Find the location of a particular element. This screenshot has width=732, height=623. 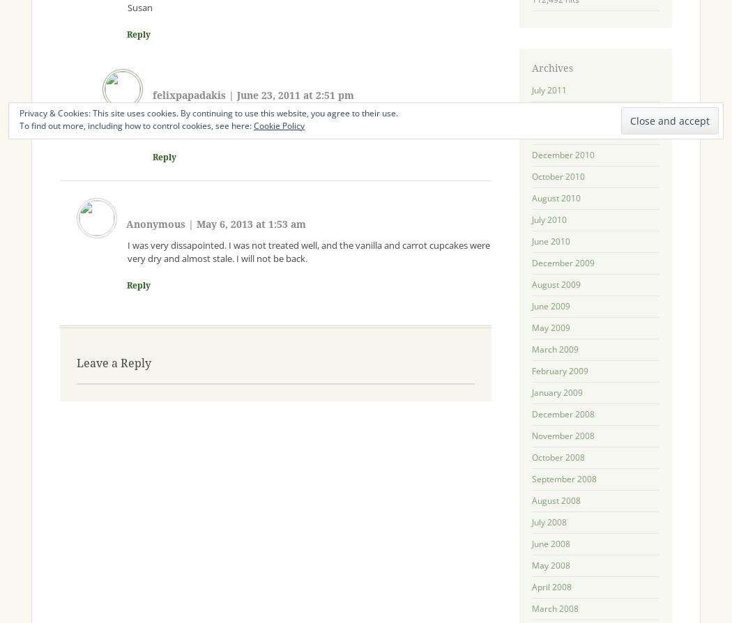

'May 6, 2013 at 1:53 am' is located at coordinates (250, 223).